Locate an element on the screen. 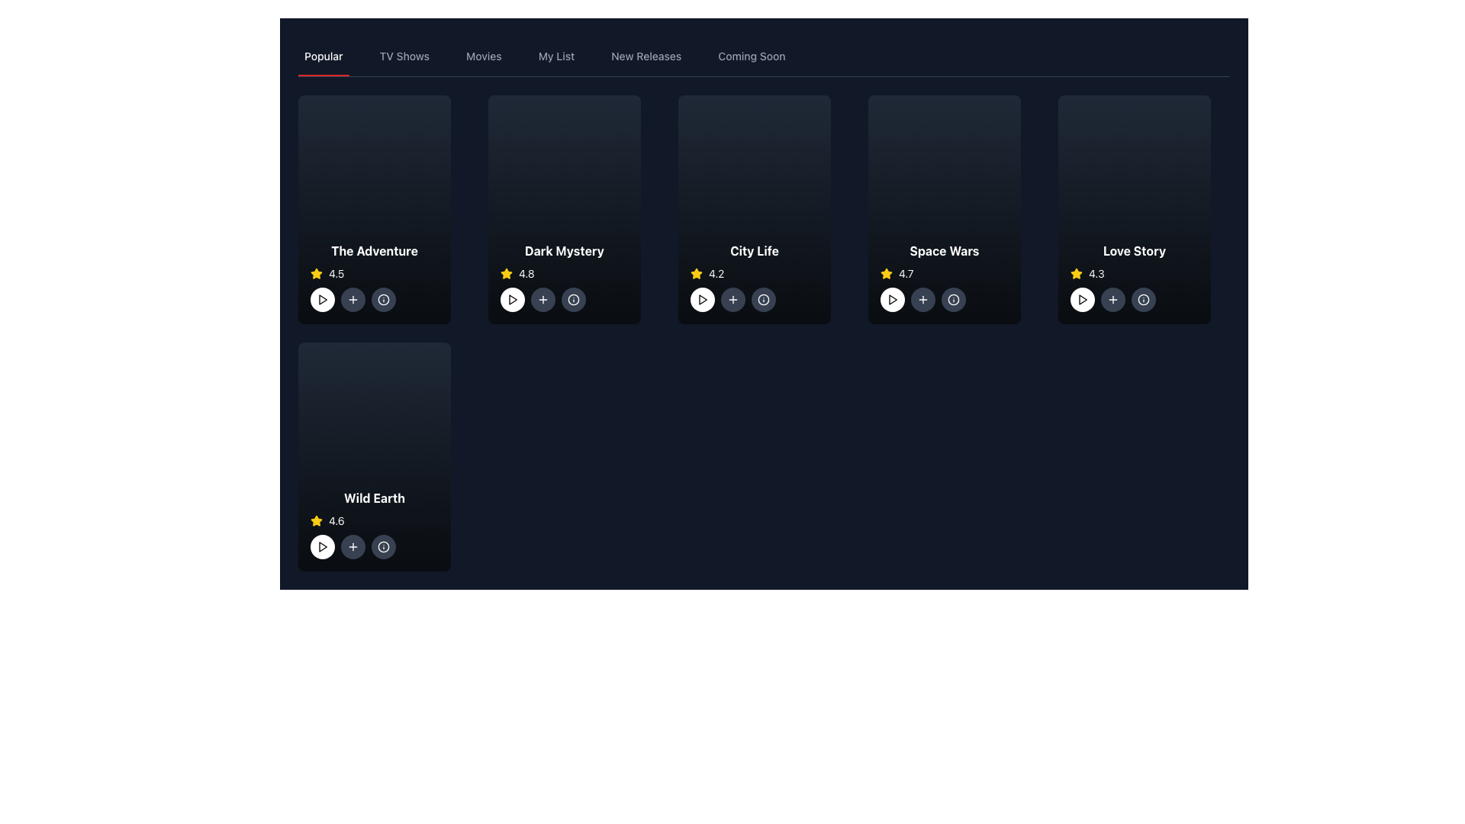 The image size is (1465, 824). the Icon Button located at the bottom center of the 'Wild Earth' content card, positioned to the right of the play button and to the left of the info button is located at coordinates (352, 546).